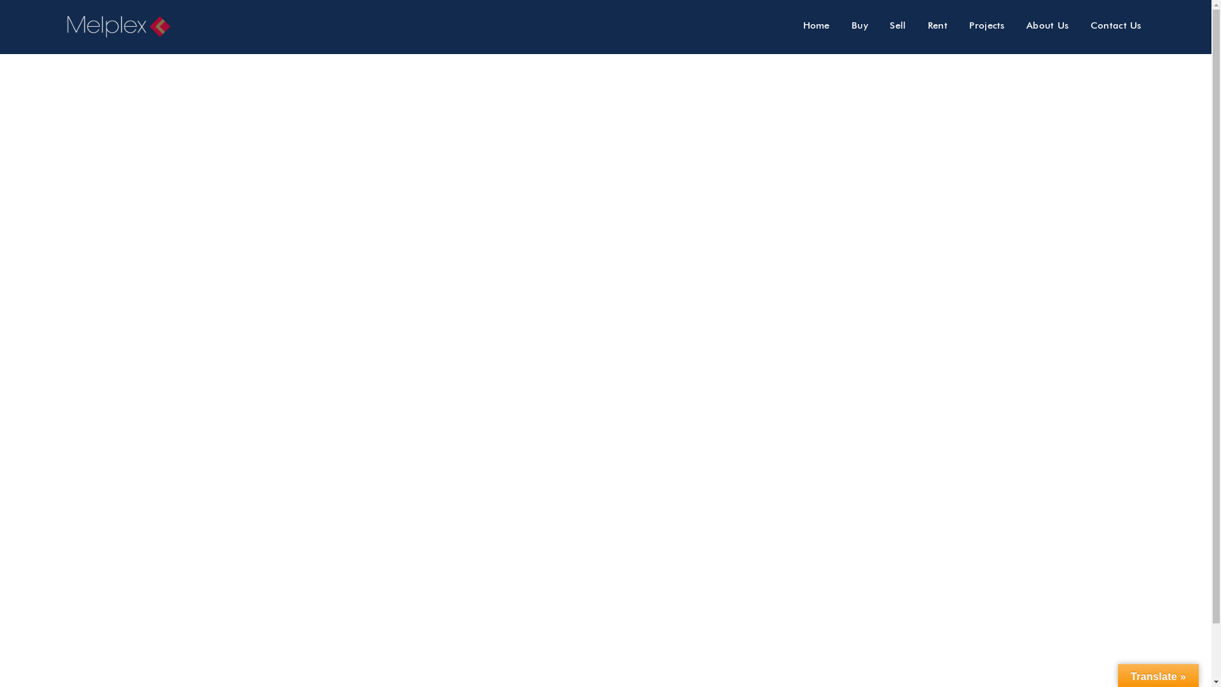 Image resolution: width=1221 pixels, height=687 pixels. I want to click on 'Buy', so click(860, 25).